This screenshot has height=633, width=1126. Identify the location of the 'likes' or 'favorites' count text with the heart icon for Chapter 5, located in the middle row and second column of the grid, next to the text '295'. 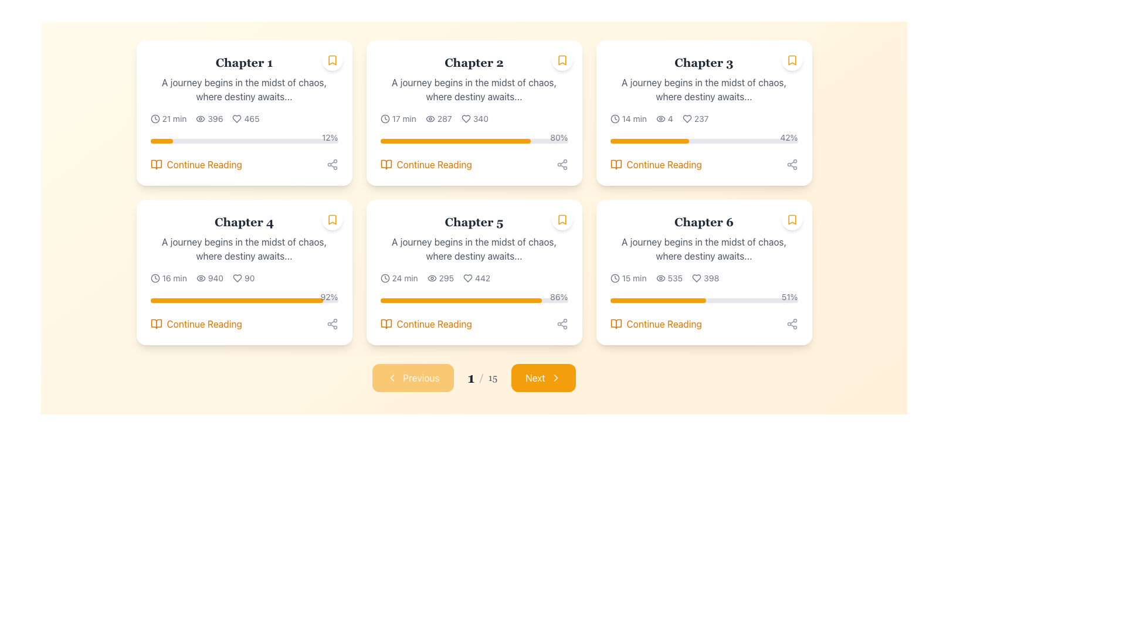
(477, 278).